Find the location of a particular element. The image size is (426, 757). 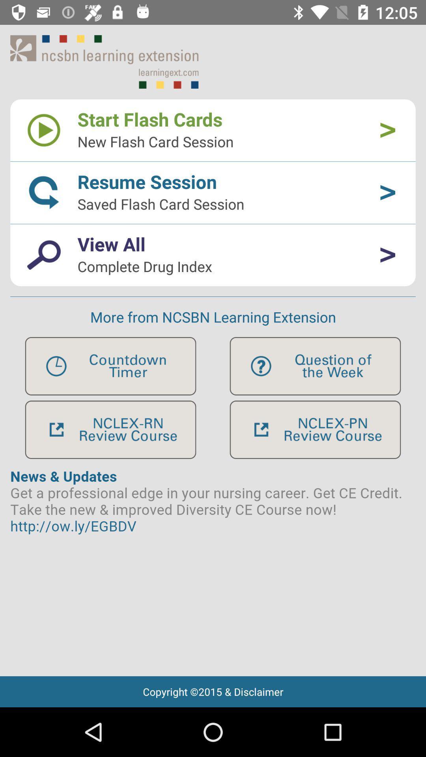

advertisement is located at coordinates (213, 567).